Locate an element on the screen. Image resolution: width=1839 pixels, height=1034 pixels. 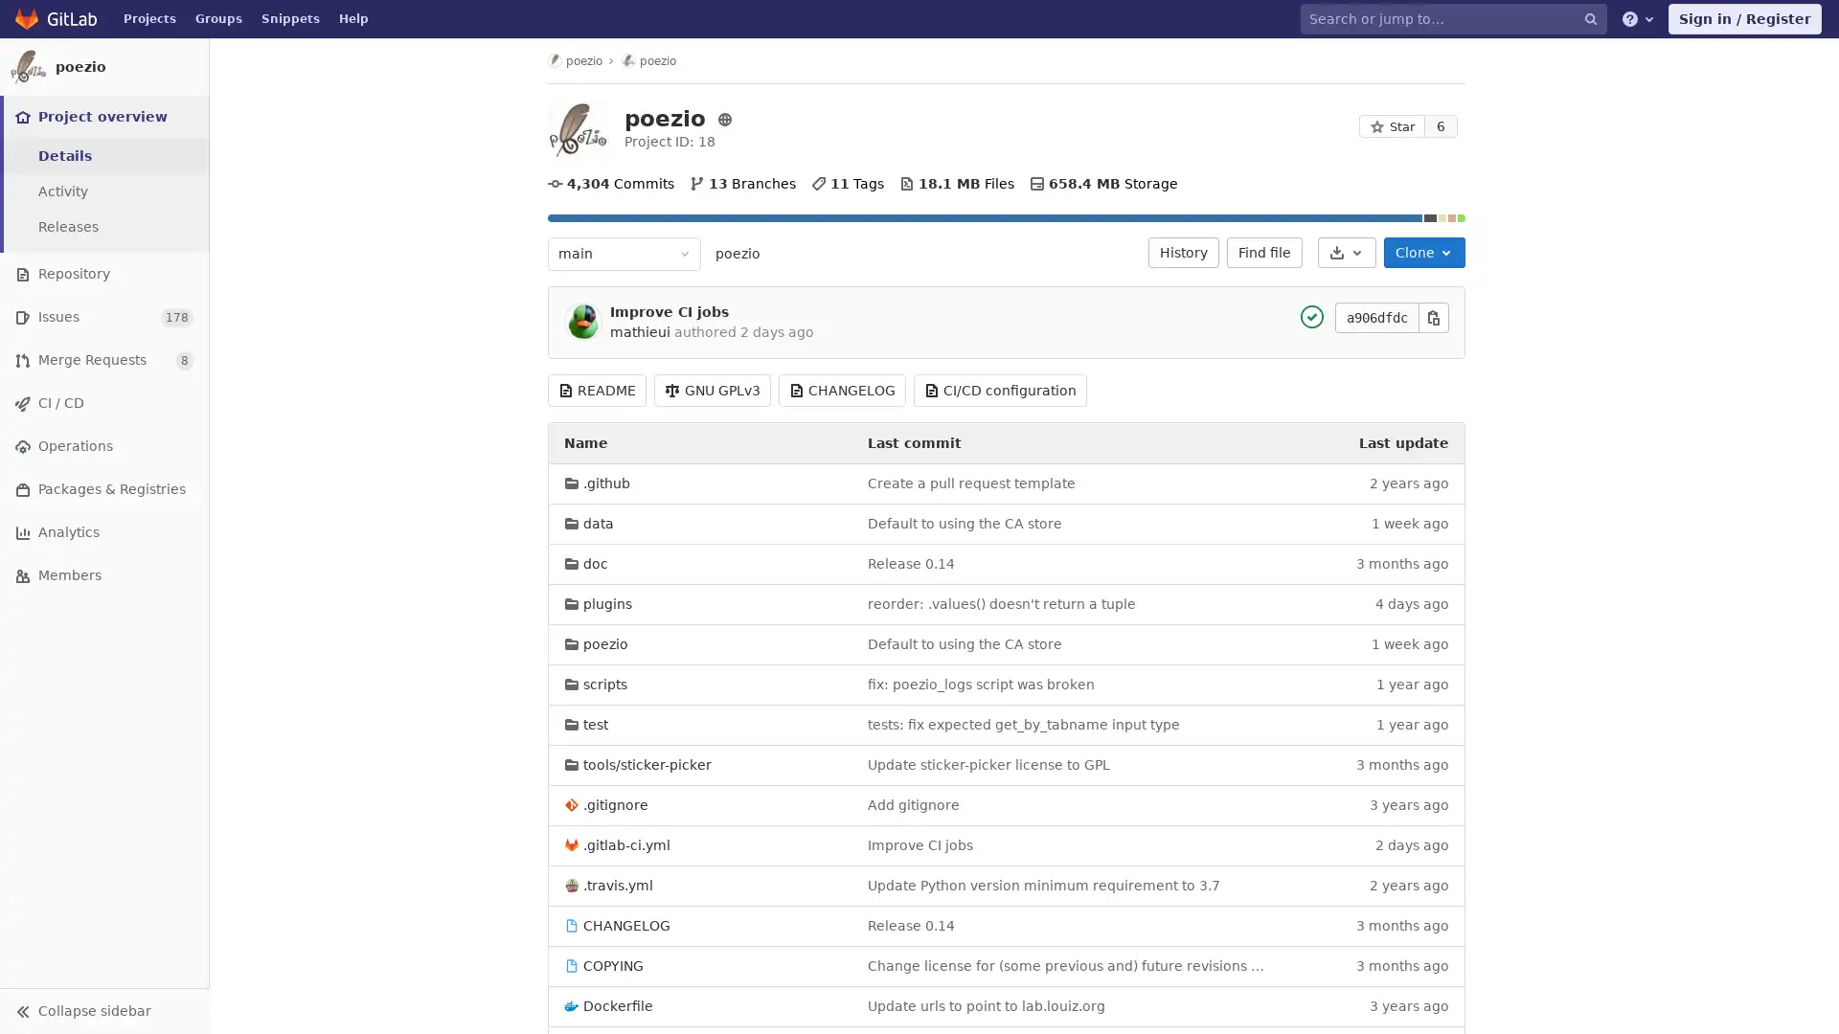
Copy this value is located at coordinates (1452, 316).